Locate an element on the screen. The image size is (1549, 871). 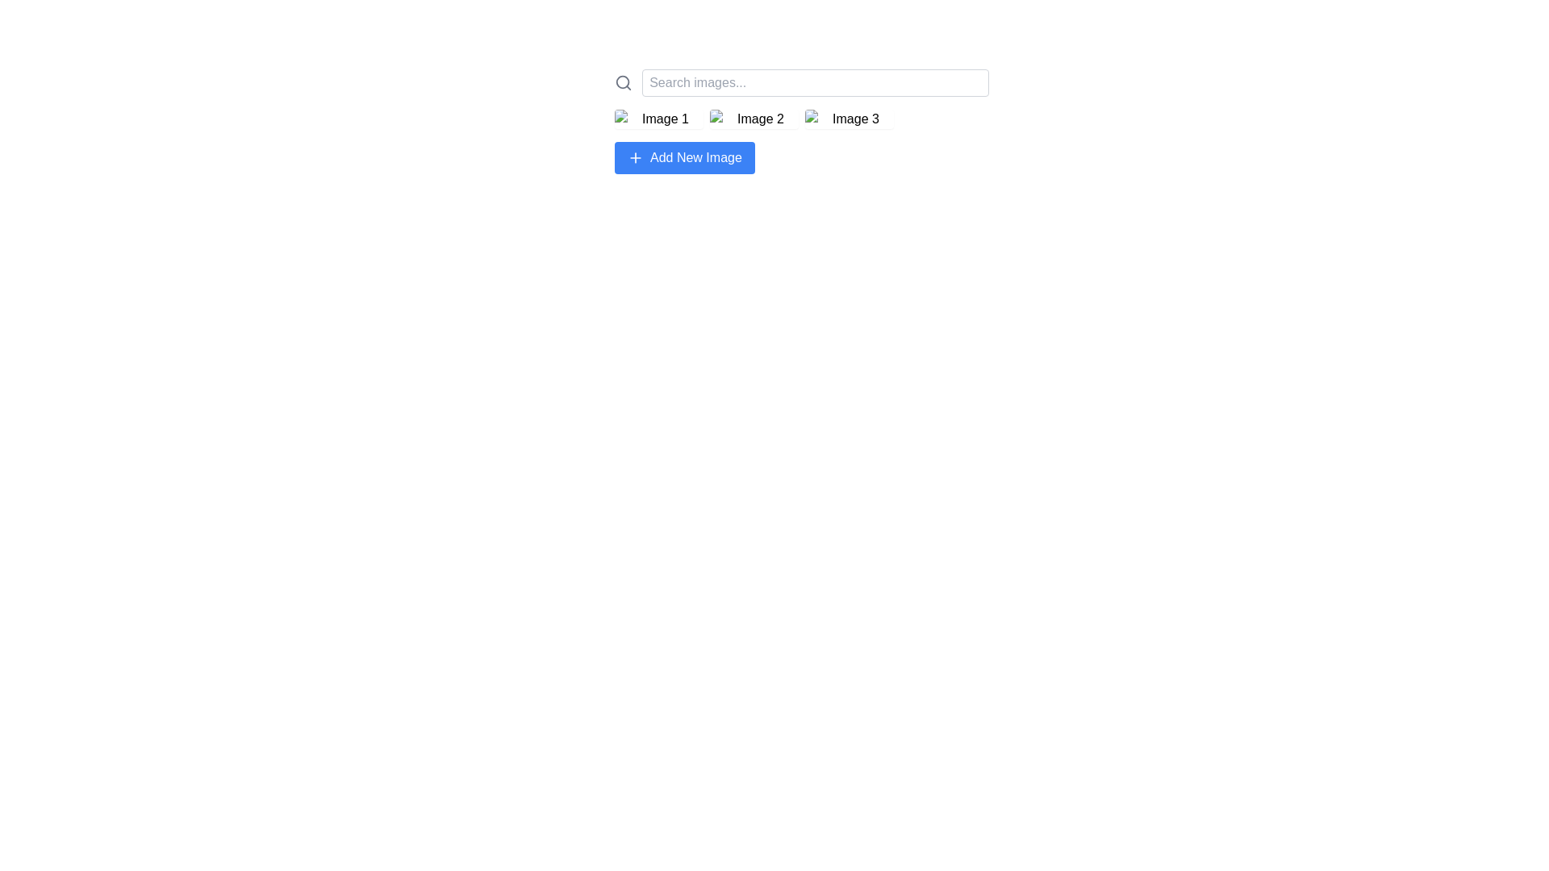
the 'Add Image' button located below the images labeled 'Image 1', 'Image 2', and 'Image 3' is located at coordinates (684, 158).